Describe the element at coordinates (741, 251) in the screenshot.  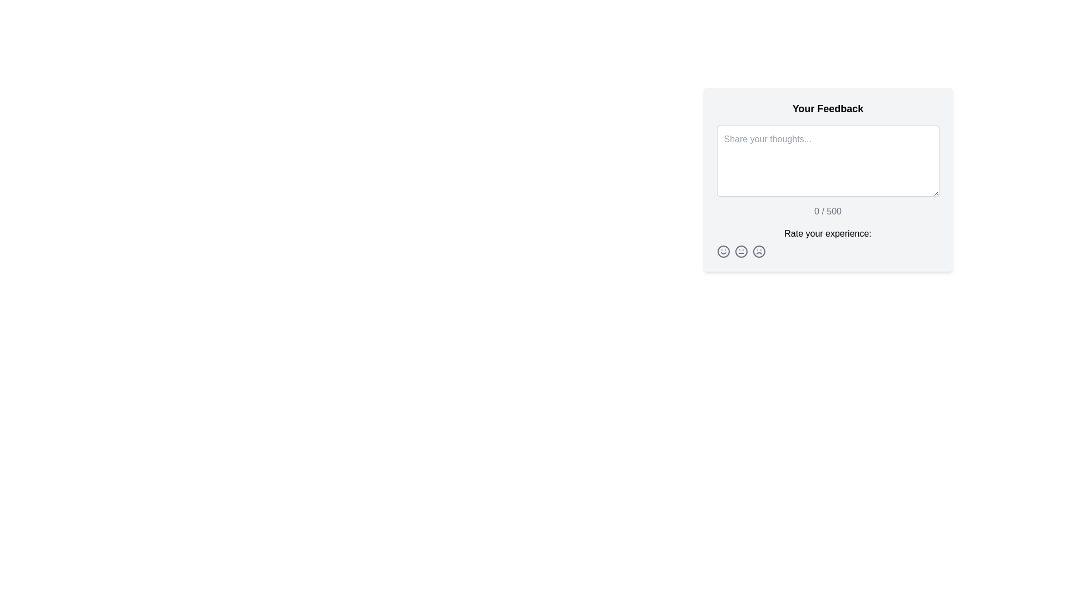
I see `the center of the neutral feedback icon, which is the second icon from the left in the row of three feedback icons located beneath the 'Your Feedback' text box` at that location.